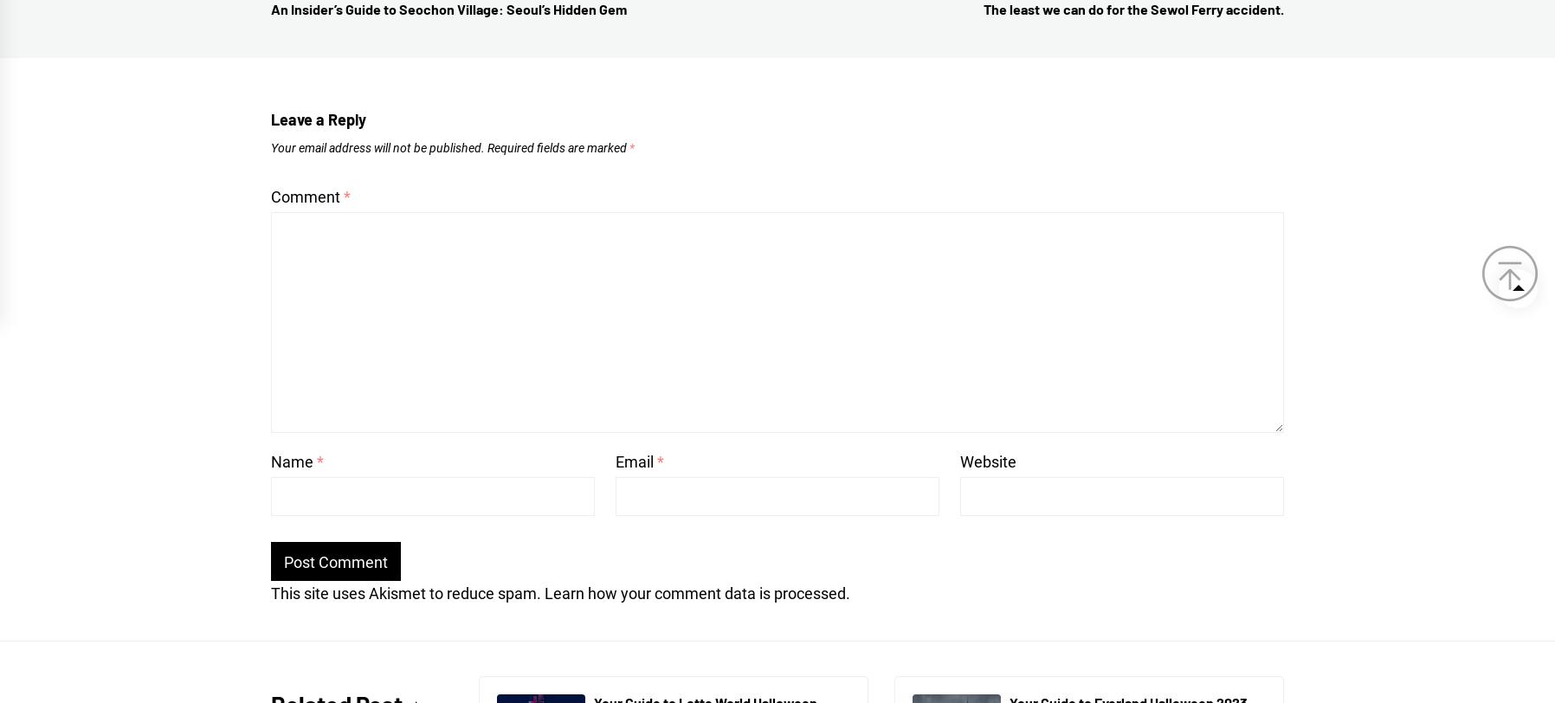  I want to click on 'Name', so click(294, 461).